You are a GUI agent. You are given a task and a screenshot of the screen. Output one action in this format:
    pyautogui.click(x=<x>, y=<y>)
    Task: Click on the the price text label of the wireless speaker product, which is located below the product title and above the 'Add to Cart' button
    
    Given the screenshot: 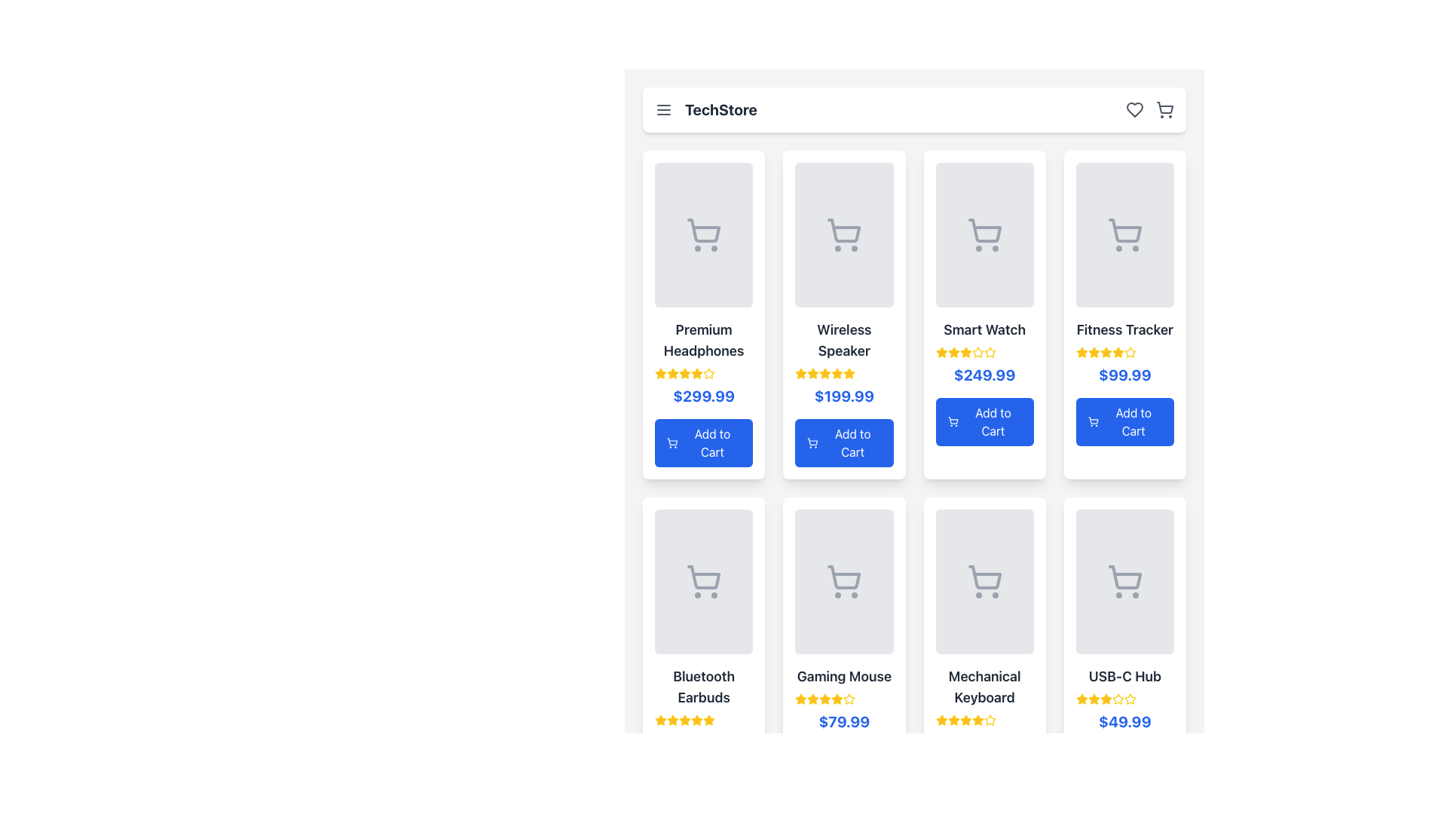 What is the action you would take?
    pyautogui.click(x=844, y=395)
    